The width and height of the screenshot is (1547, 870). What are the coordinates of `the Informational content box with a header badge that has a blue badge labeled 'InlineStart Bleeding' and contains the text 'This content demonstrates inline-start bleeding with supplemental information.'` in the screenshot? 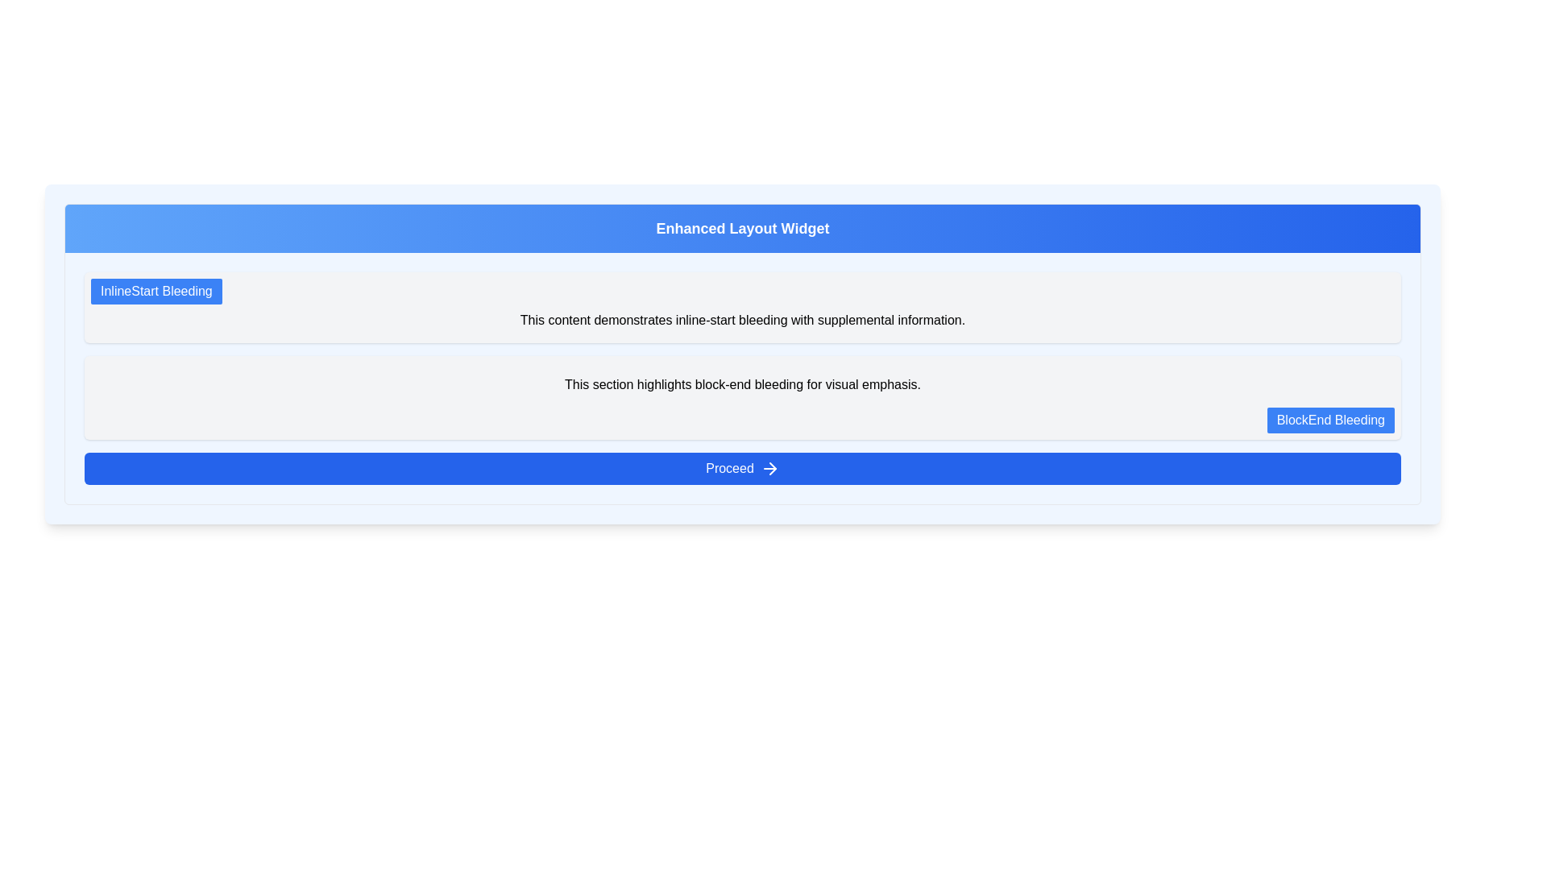 It's located at (741, 307).